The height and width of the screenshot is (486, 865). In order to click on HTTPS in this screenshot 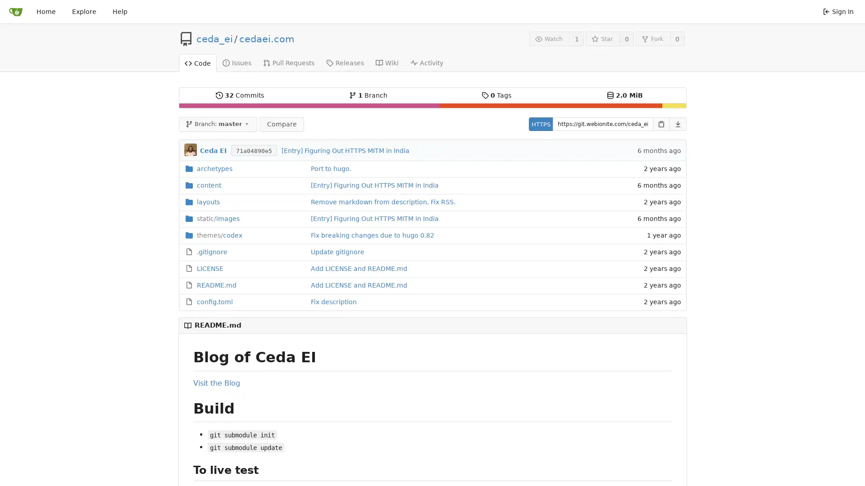, I will do `click(540, 124)`.